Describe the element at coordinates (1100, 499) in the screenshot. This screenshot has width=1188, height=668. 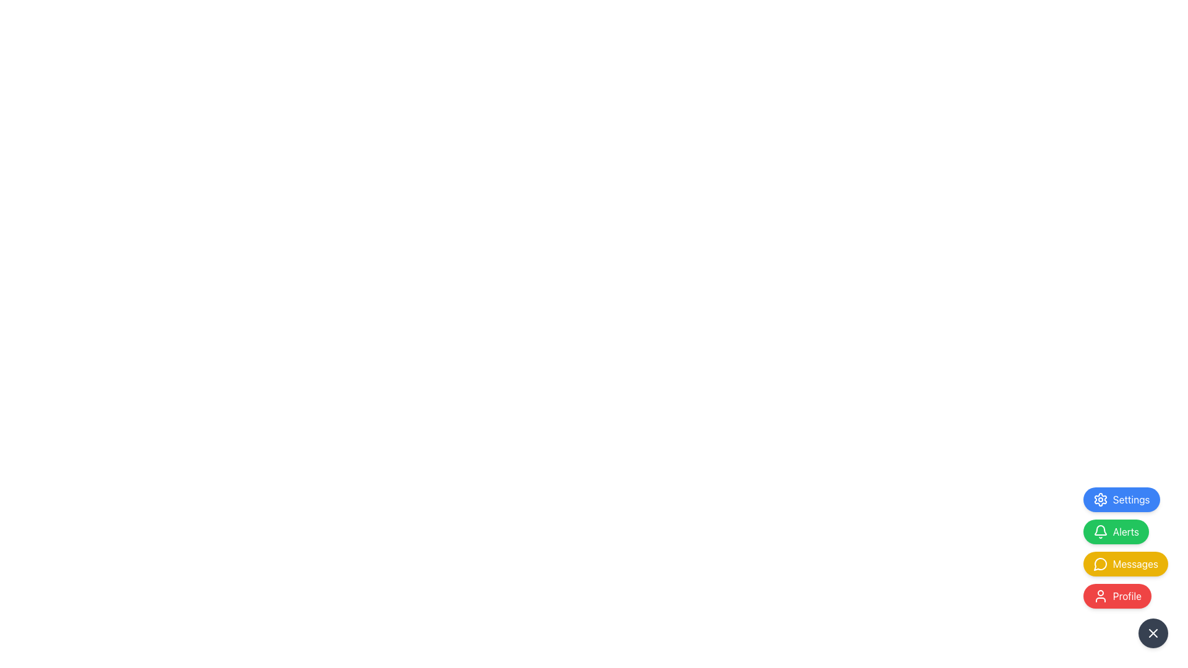
I see `the 'Settings' gear icon located at the top of the vertical options stack in the bottom-right corner of the interface` at that location.